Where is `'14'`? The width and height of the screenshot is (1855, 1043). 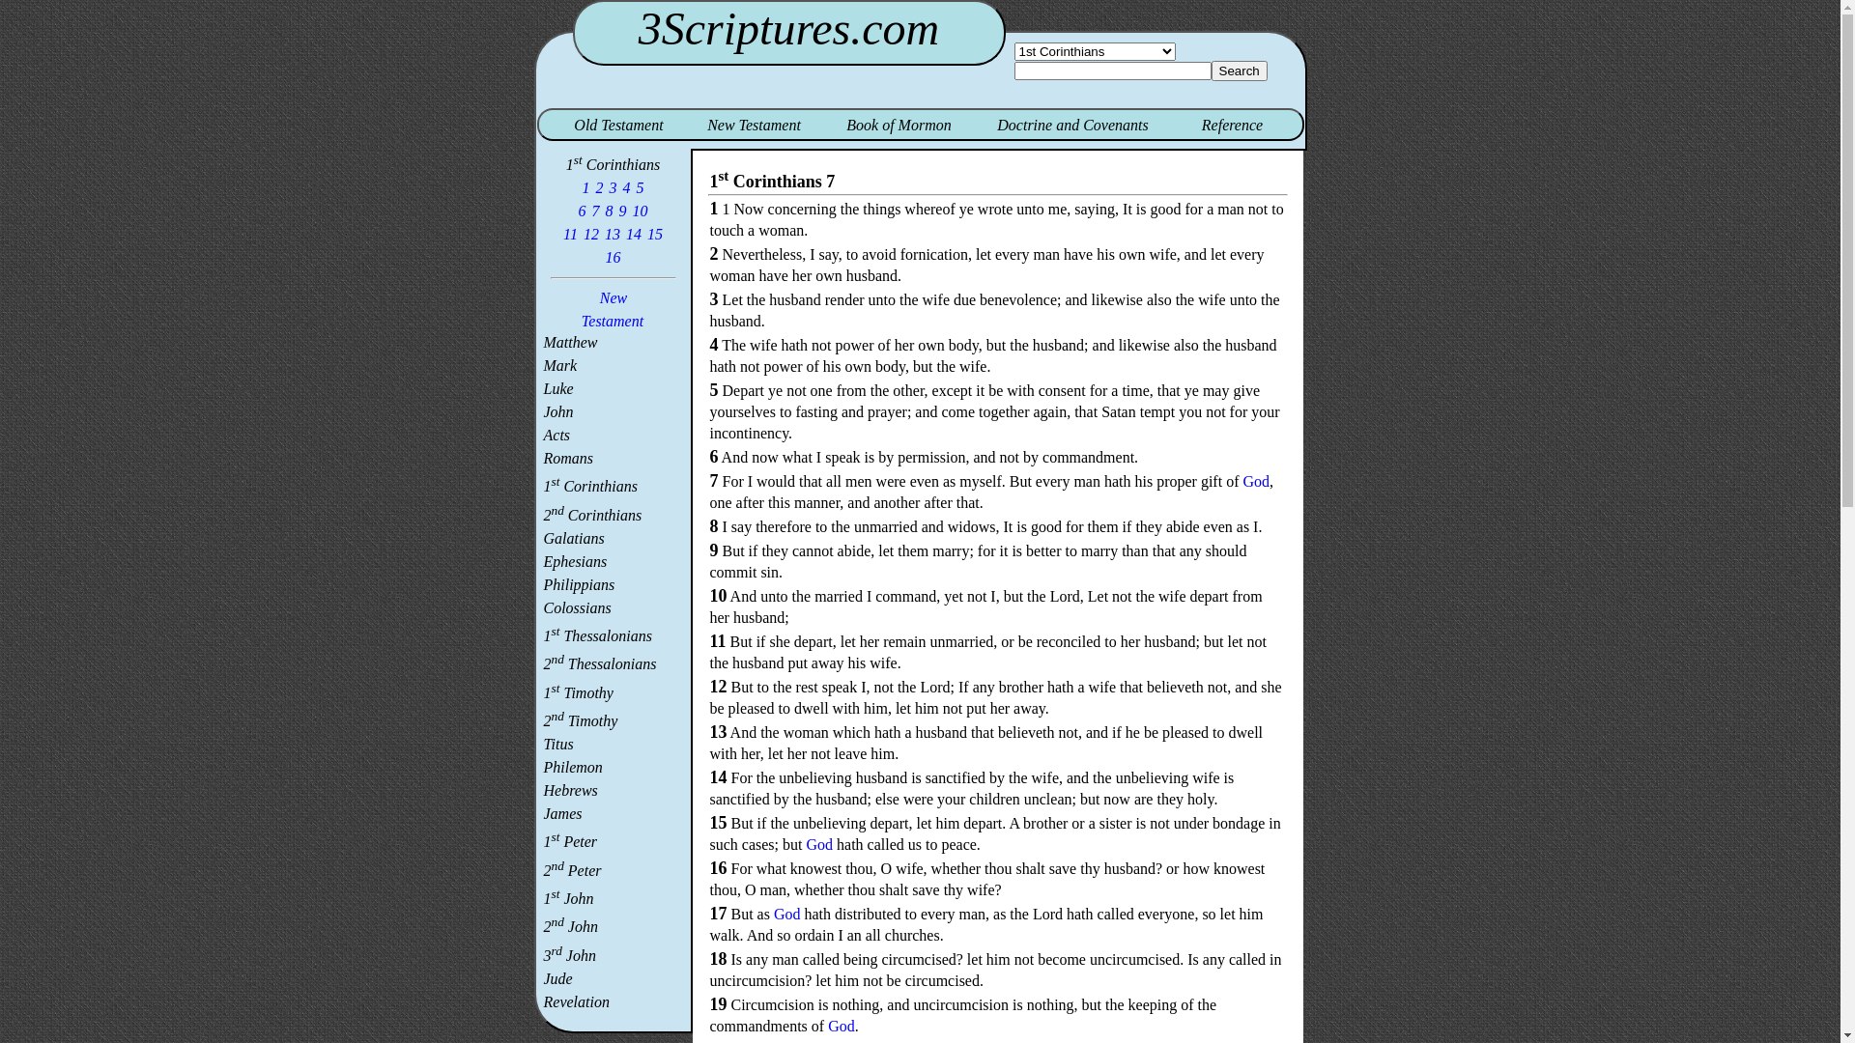 '14' is located at coordinates (634, 233).